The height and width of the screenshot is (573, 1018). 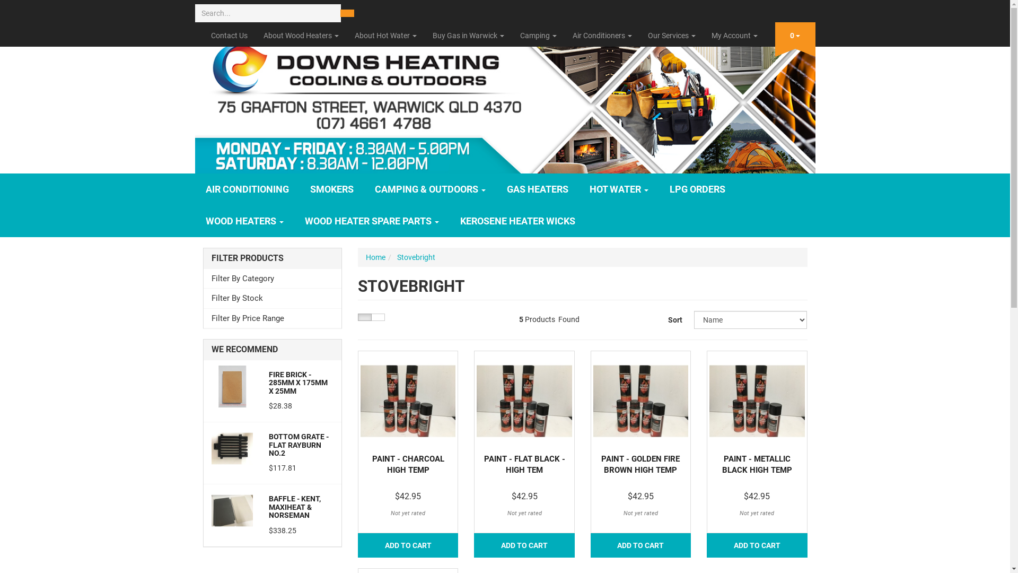 I want to click on 'LPG ORDERS', so click(x=658, y=189).